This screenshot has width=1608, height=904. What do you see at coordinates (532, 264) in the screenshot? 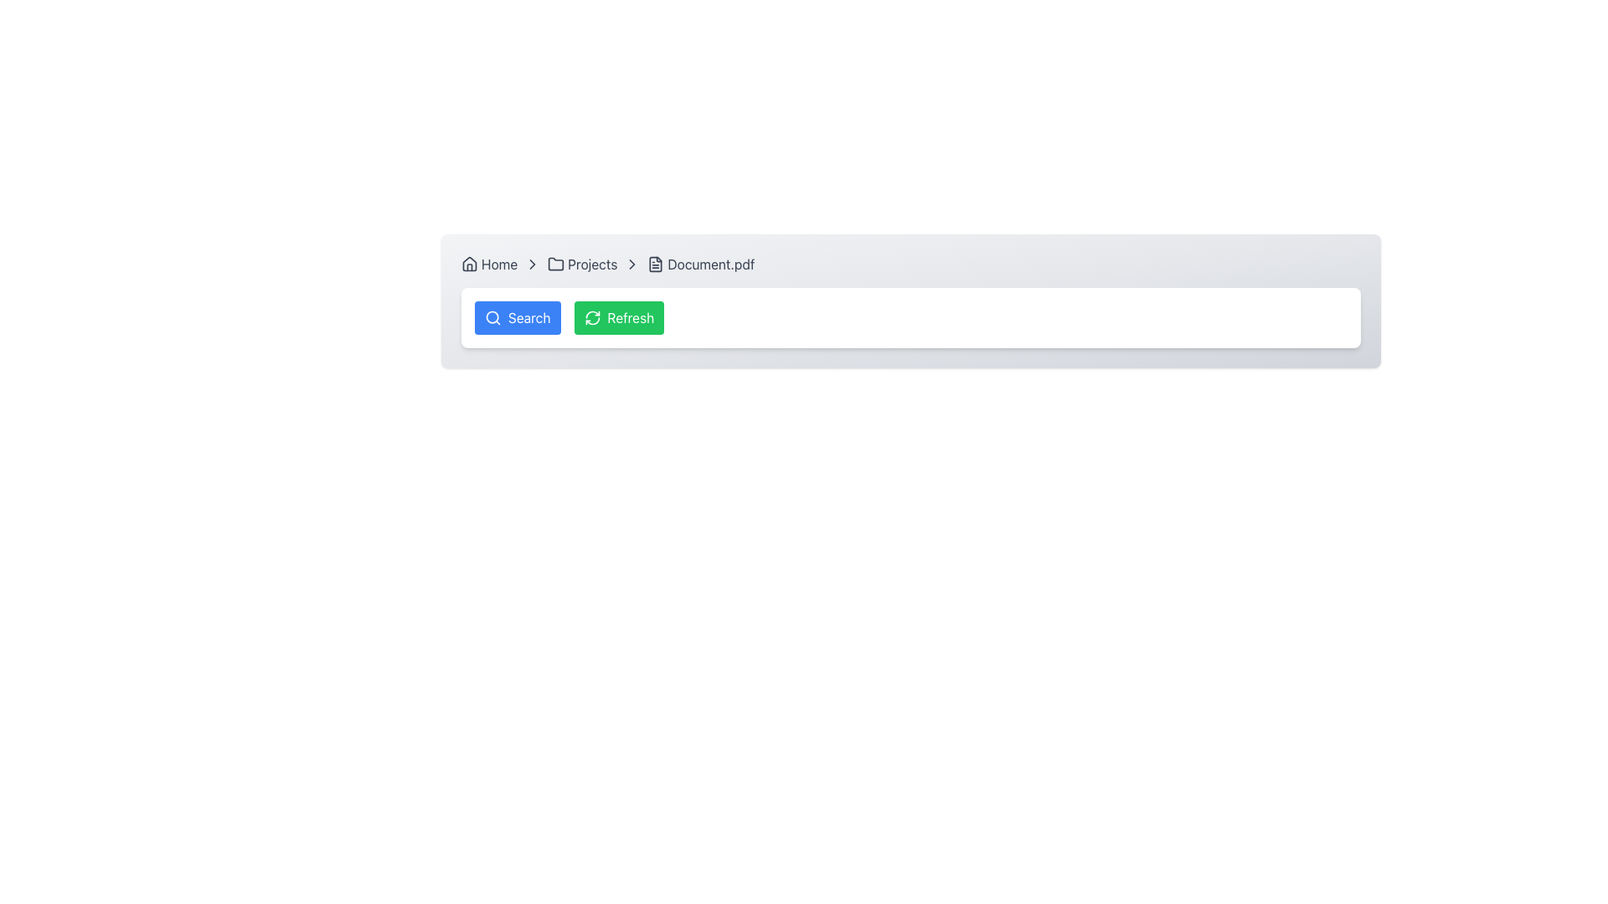
I see `the rightward chevron indicator in the breadcrumb navigation bar to follow the breadcrumb from 'Projects' to 'Document.pdf'` at bounding box center [532, 264].